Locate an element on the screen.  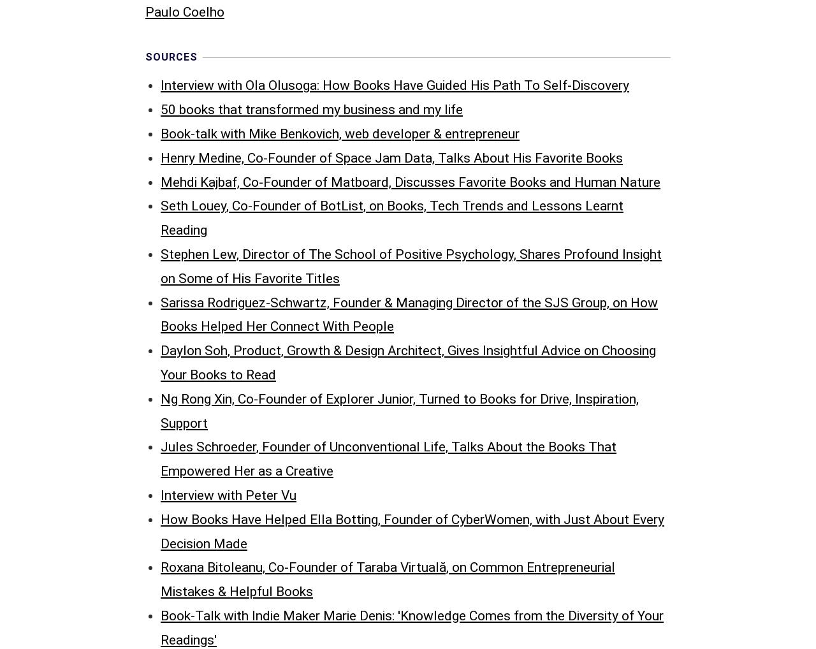
'Interview with Jeremy Boudinet, Marketing Manager at Nextiva: Favorite Books and Reading Habits' is located at coordinates (402, 435).